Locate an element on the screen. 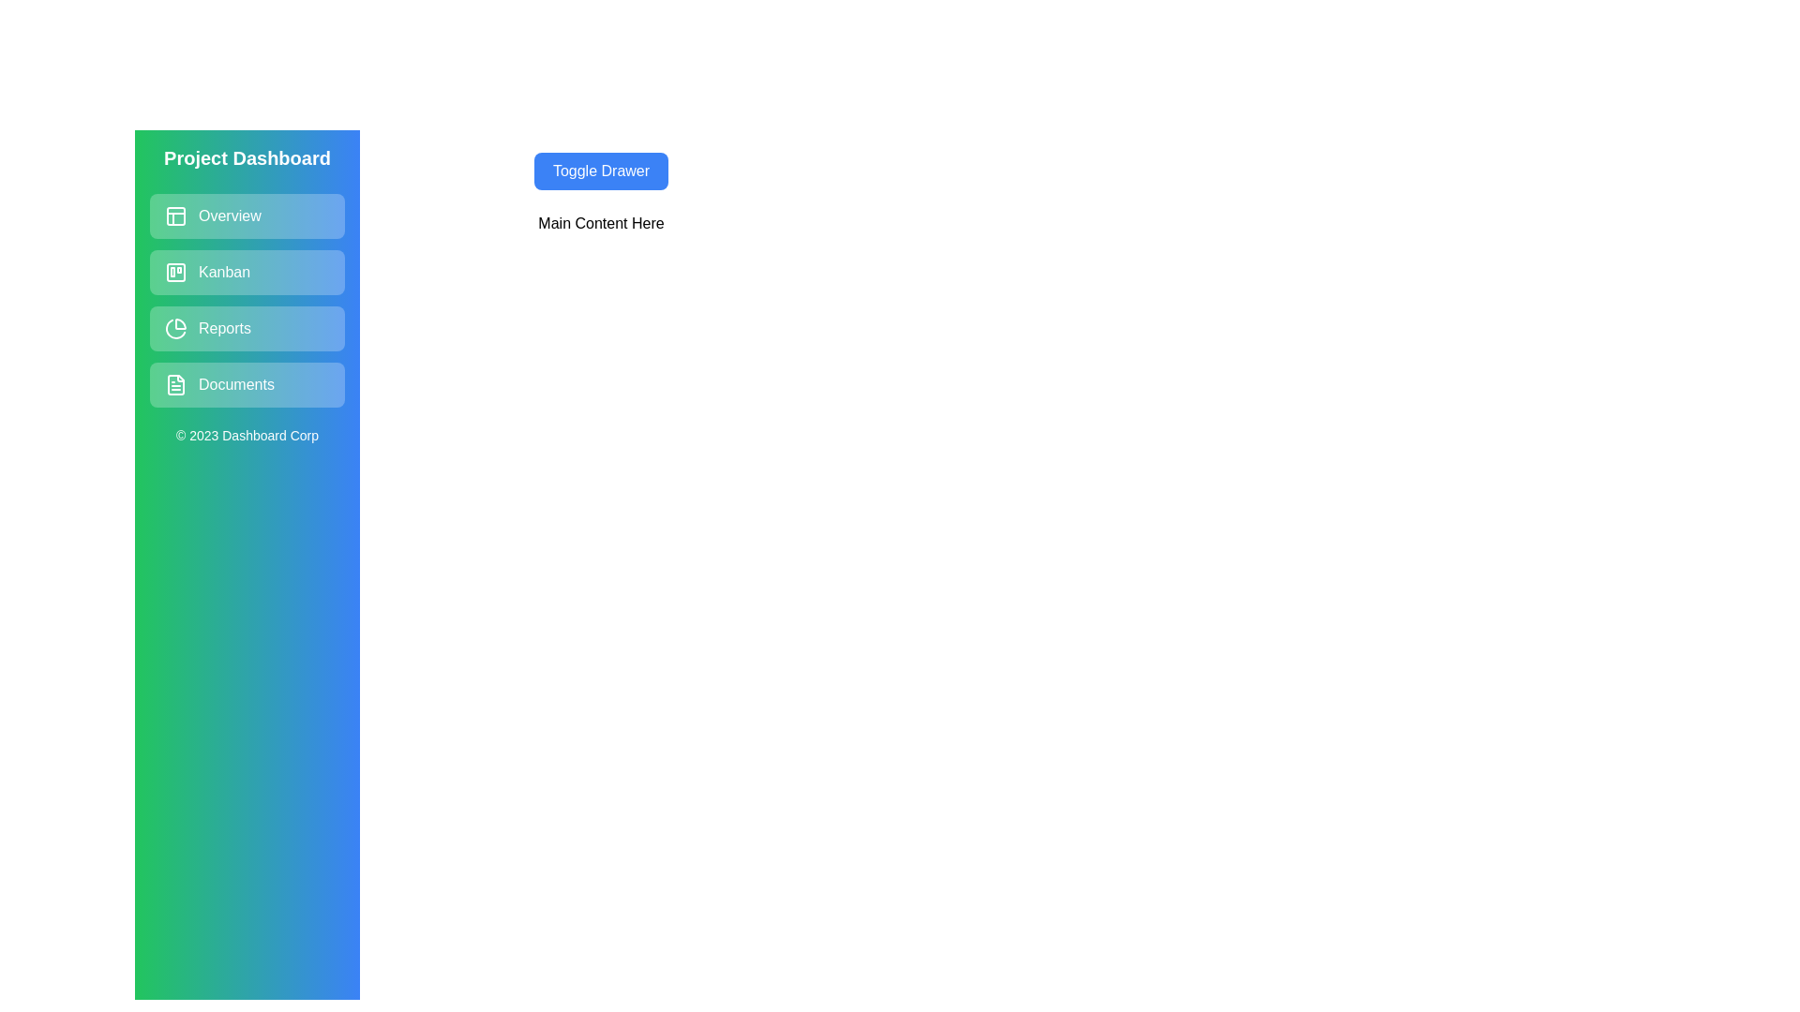  the navigation item Documents in the drawer is located at coordinates (247, 384).